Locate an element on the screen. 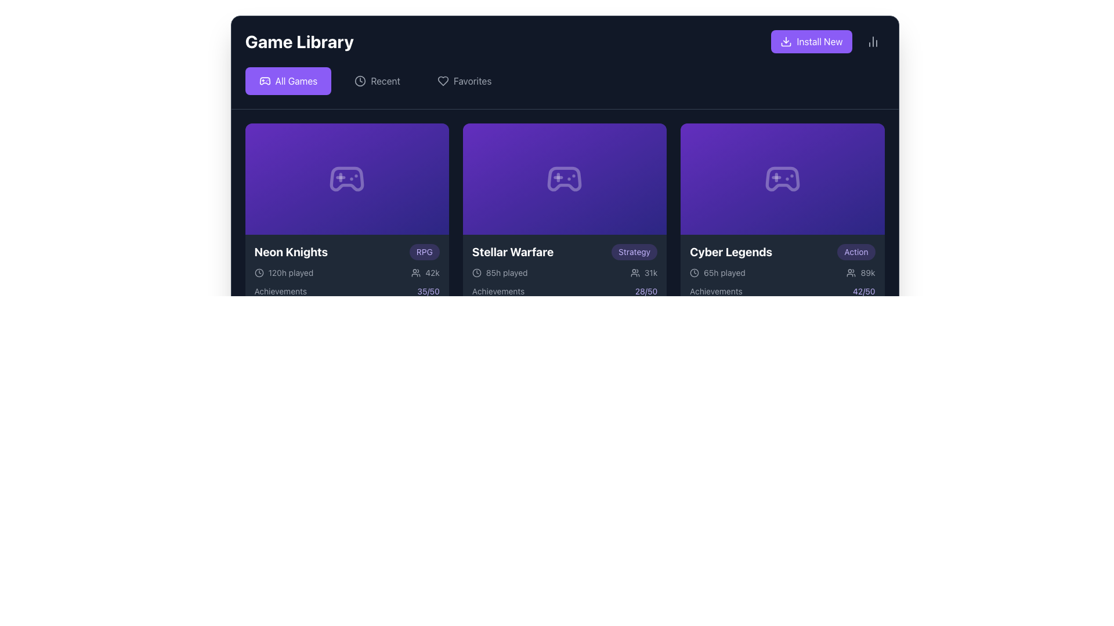 This screenshot has height=626, width=1114. the third game information card in the 'Game Library' section is located at coordinates (782, 275).